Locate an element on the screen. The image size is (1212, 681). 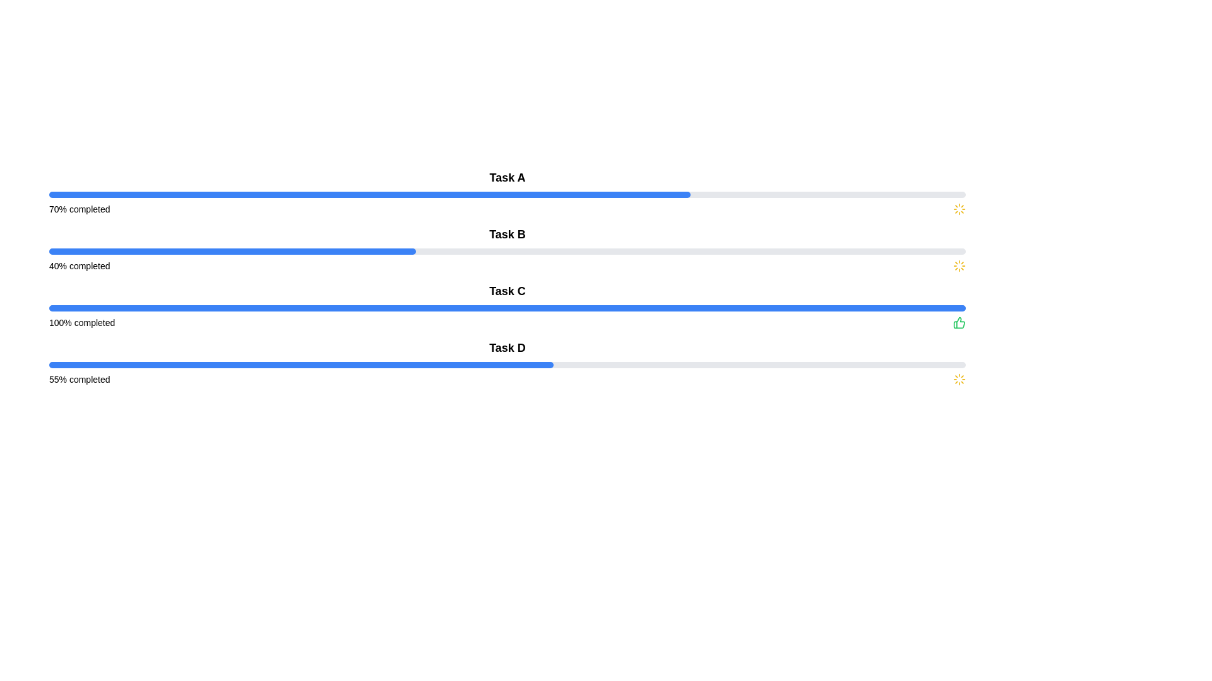
the blue progress bar that represents the progress of 'Task A', which is located near the top of the interface and has rounded edges is located at coordinates (369, 194).